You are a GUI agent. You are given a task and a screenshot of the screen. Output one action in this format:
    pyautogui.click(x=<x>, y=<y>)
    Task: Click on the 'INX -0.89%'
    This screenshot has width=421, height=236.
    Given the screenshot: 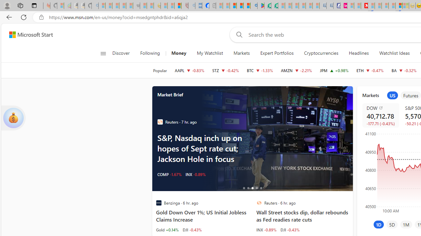 What is the action you would take?
    pyautogui.click(x=266, y=229)
    